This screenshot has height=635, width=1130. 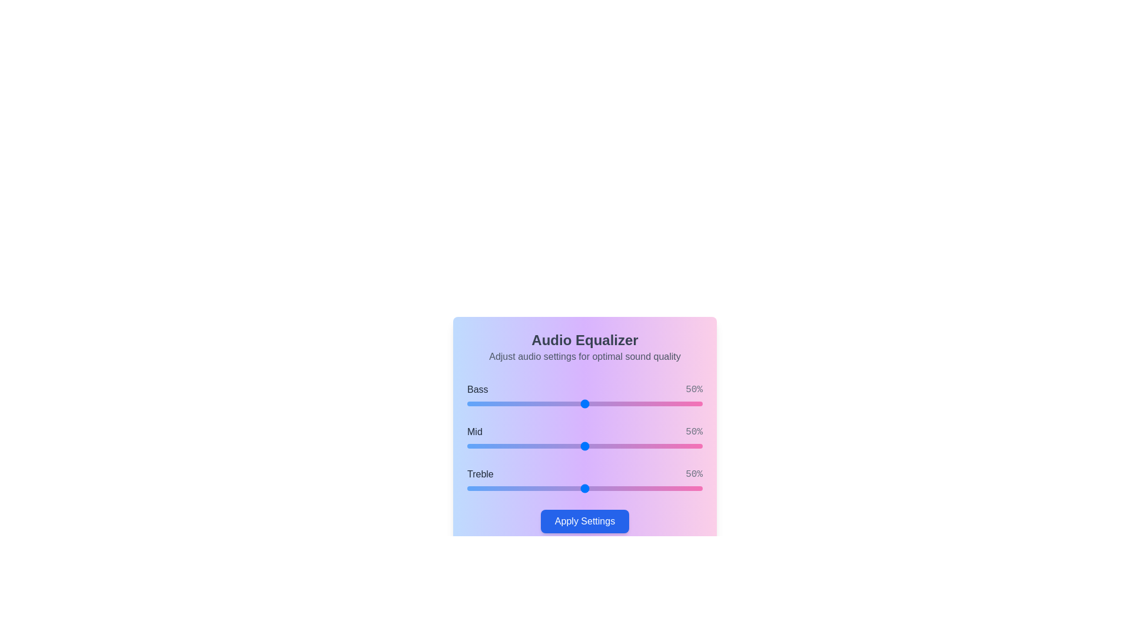 I want to click on the 1 slider to 18%, so click(x=509, y=446).